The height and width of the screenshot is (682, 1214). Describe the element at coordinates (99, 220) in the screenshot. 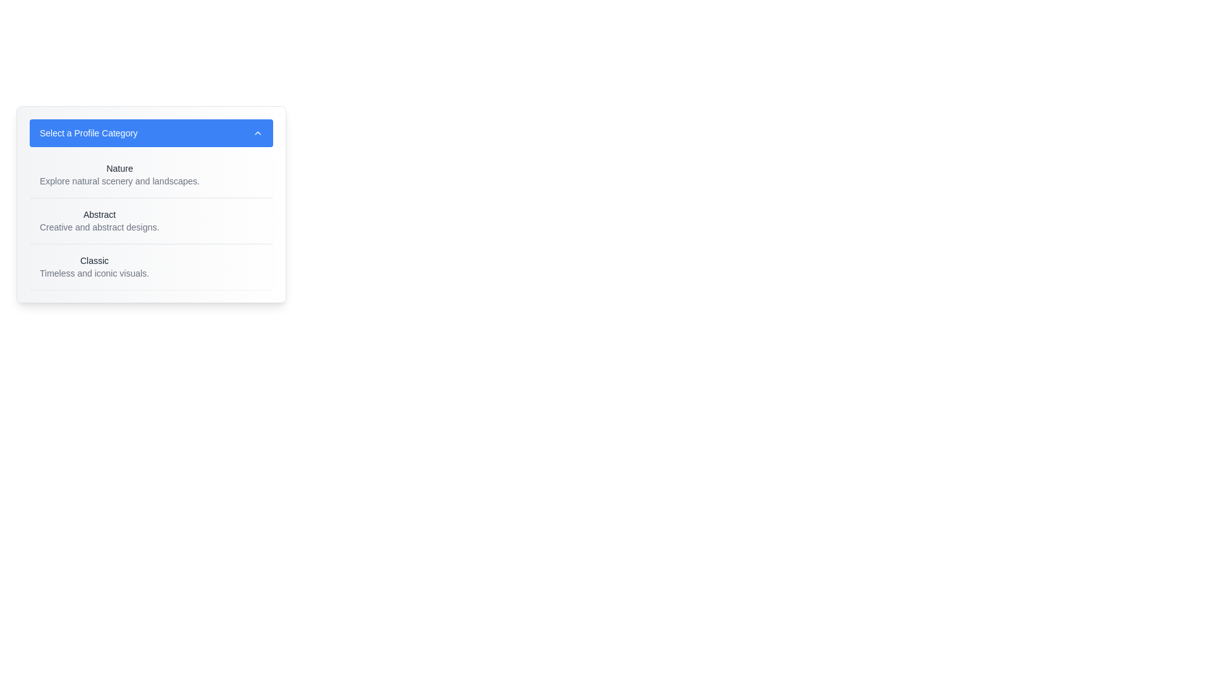

I see `the static text block with the header 'Abstract' and the description 'Creative and abstract designs.' located in the dropdown under 'Select a Profile Category'` at that location.